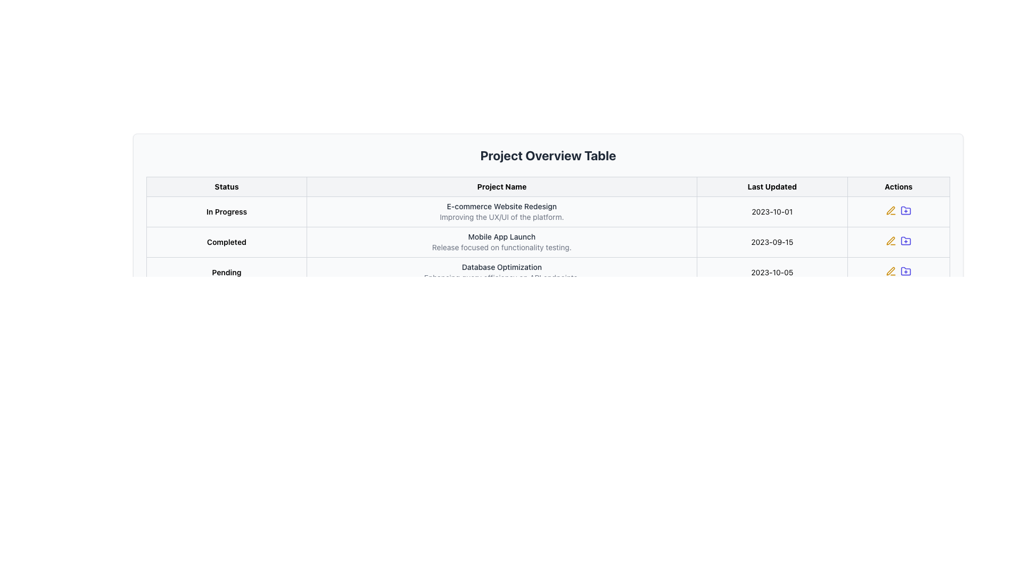  Describe the element at coordinates (891, 210) in the screenshot. I see `the edit icon button in the 'Actions' column of the third row for the 'Database Optimization' project with 'Pending' status to modify the associated row's data` at that location.